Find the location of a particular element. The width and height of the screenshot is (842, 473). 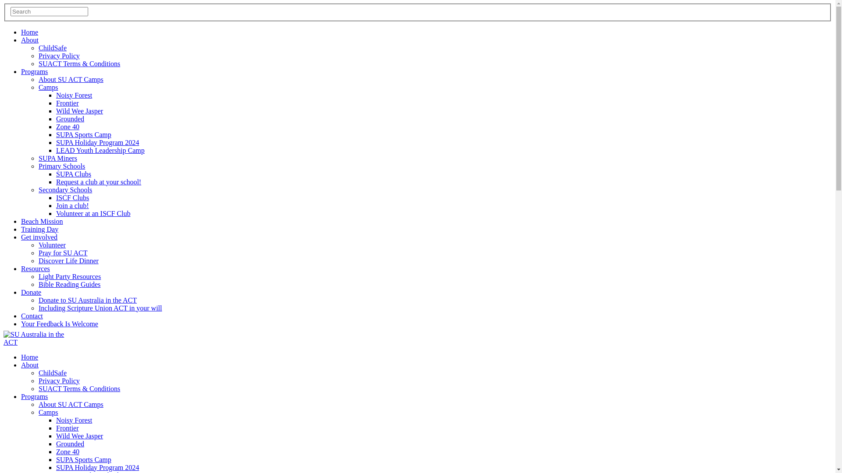

'SUPA Sports Camp' is located at coordinates (84, 134).